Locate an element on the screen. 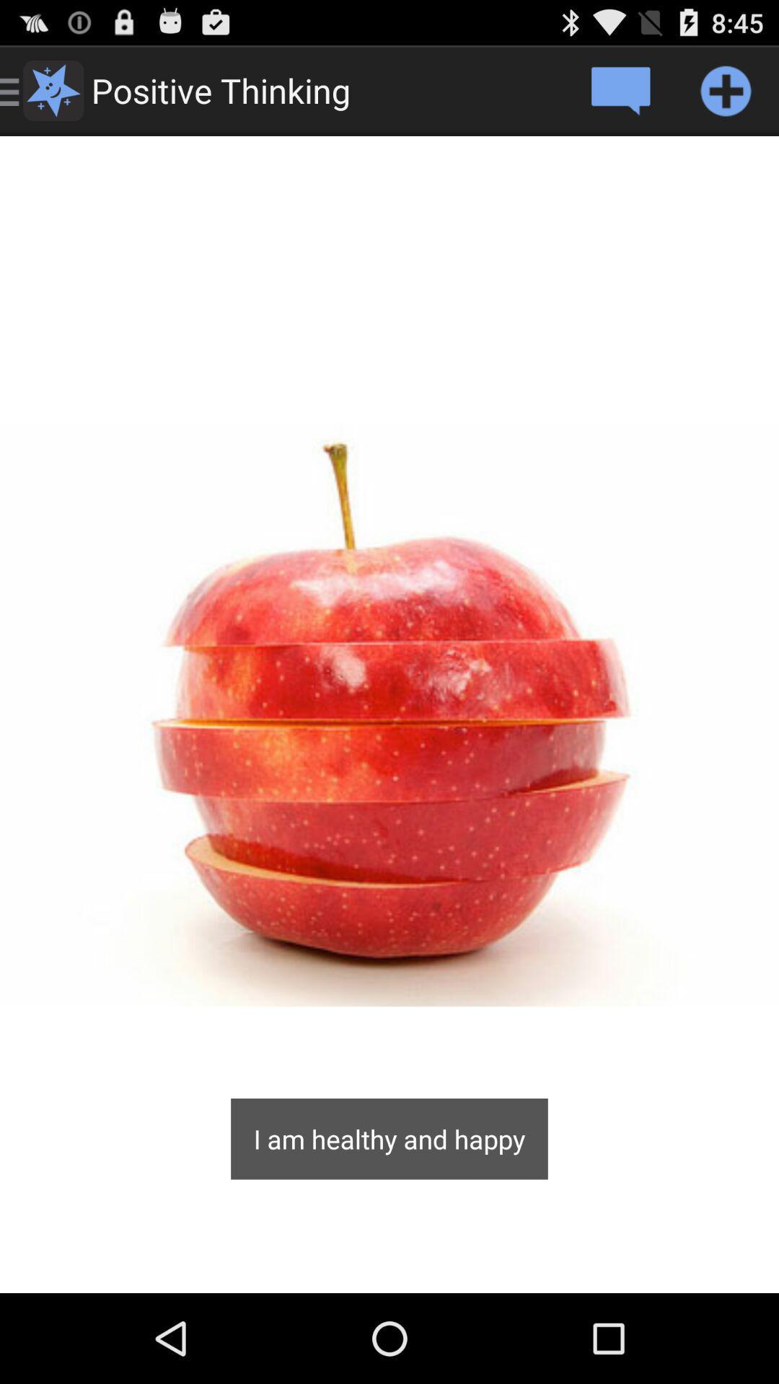 The width and height of the screenshot is (779, 1384). comment is located at coordinates (619, 89).